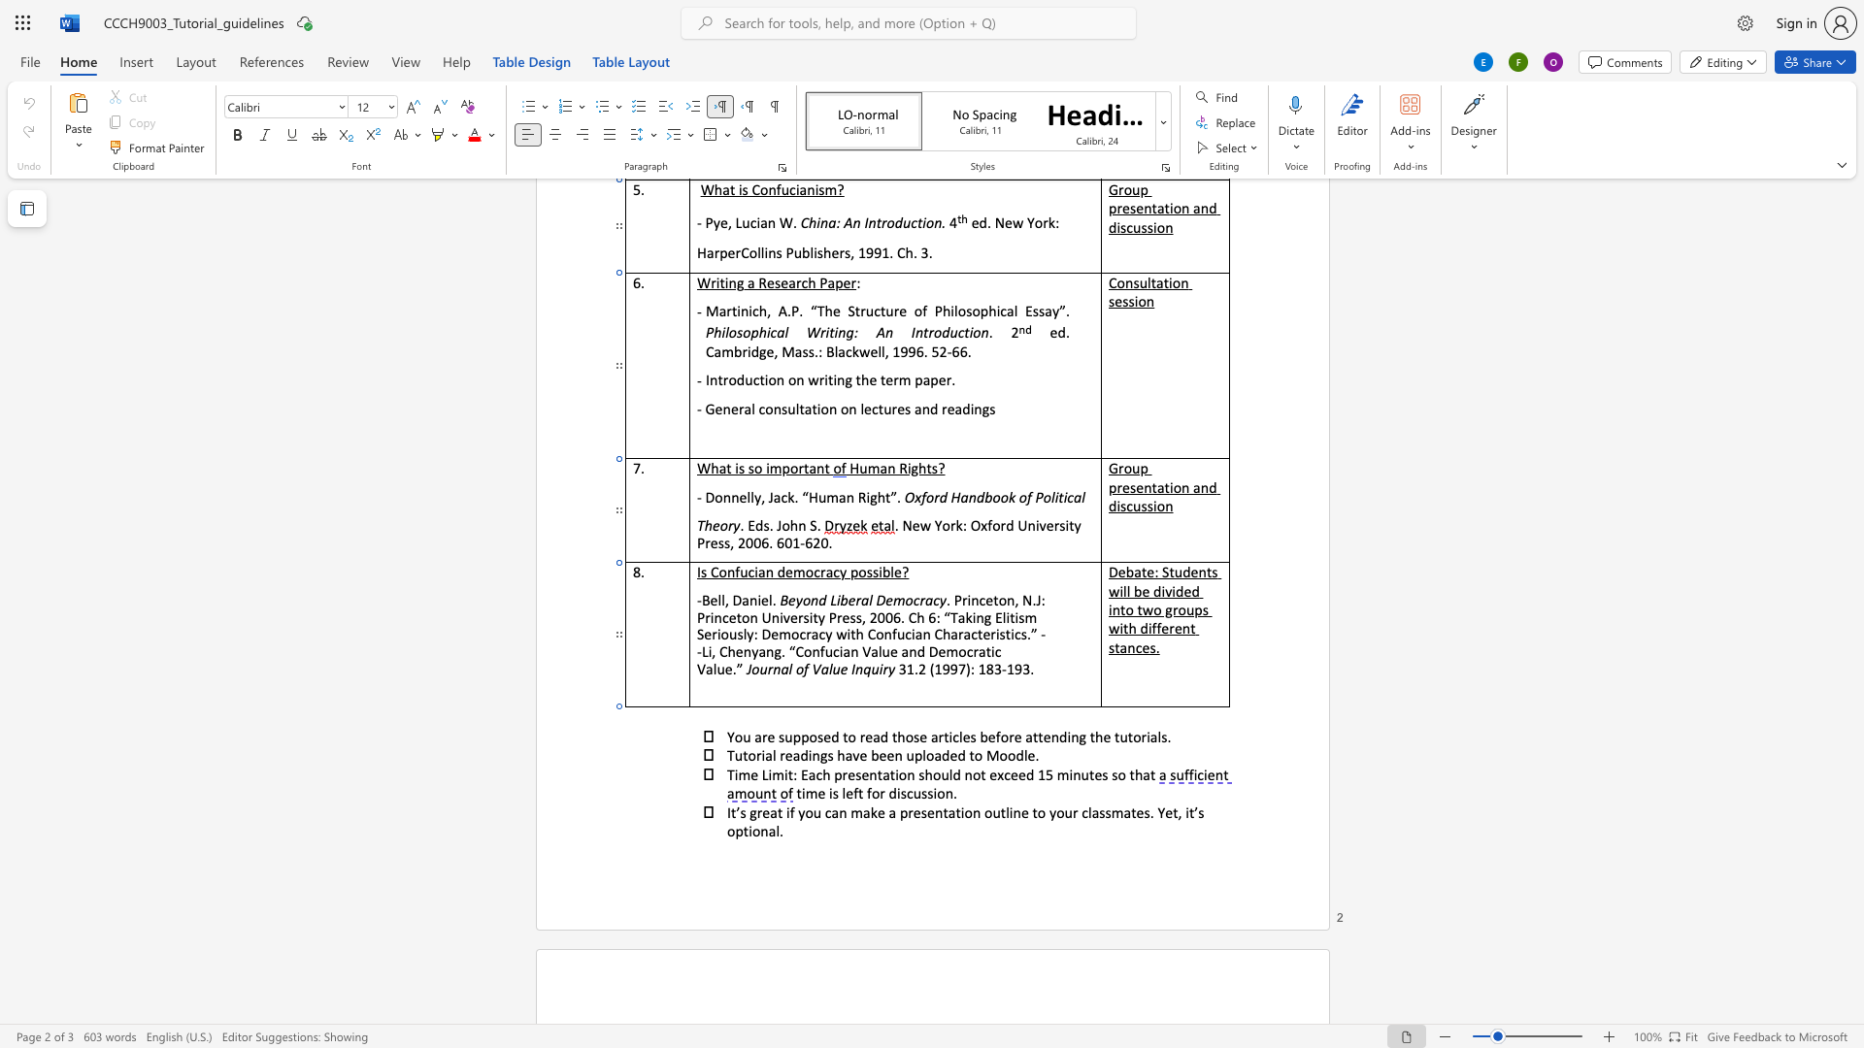 This screenshot has height=1048, width=1864. Describe the element at coordinates (1031, 737) in the screenshot. I see `the space between the continuous character "a" and "t" in the text` at that location.